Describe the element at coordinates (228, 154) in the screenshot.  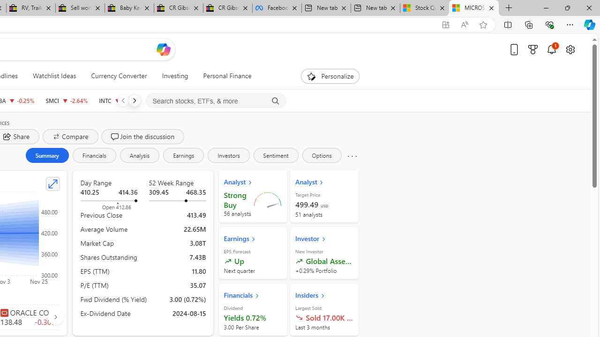
I see `'Investors'` at that location.